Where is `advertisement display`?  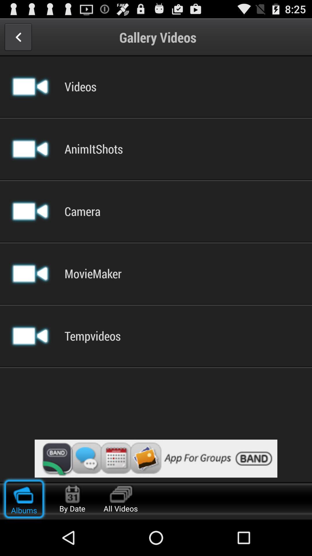
advertisement display is located at coordinates (156, 458).